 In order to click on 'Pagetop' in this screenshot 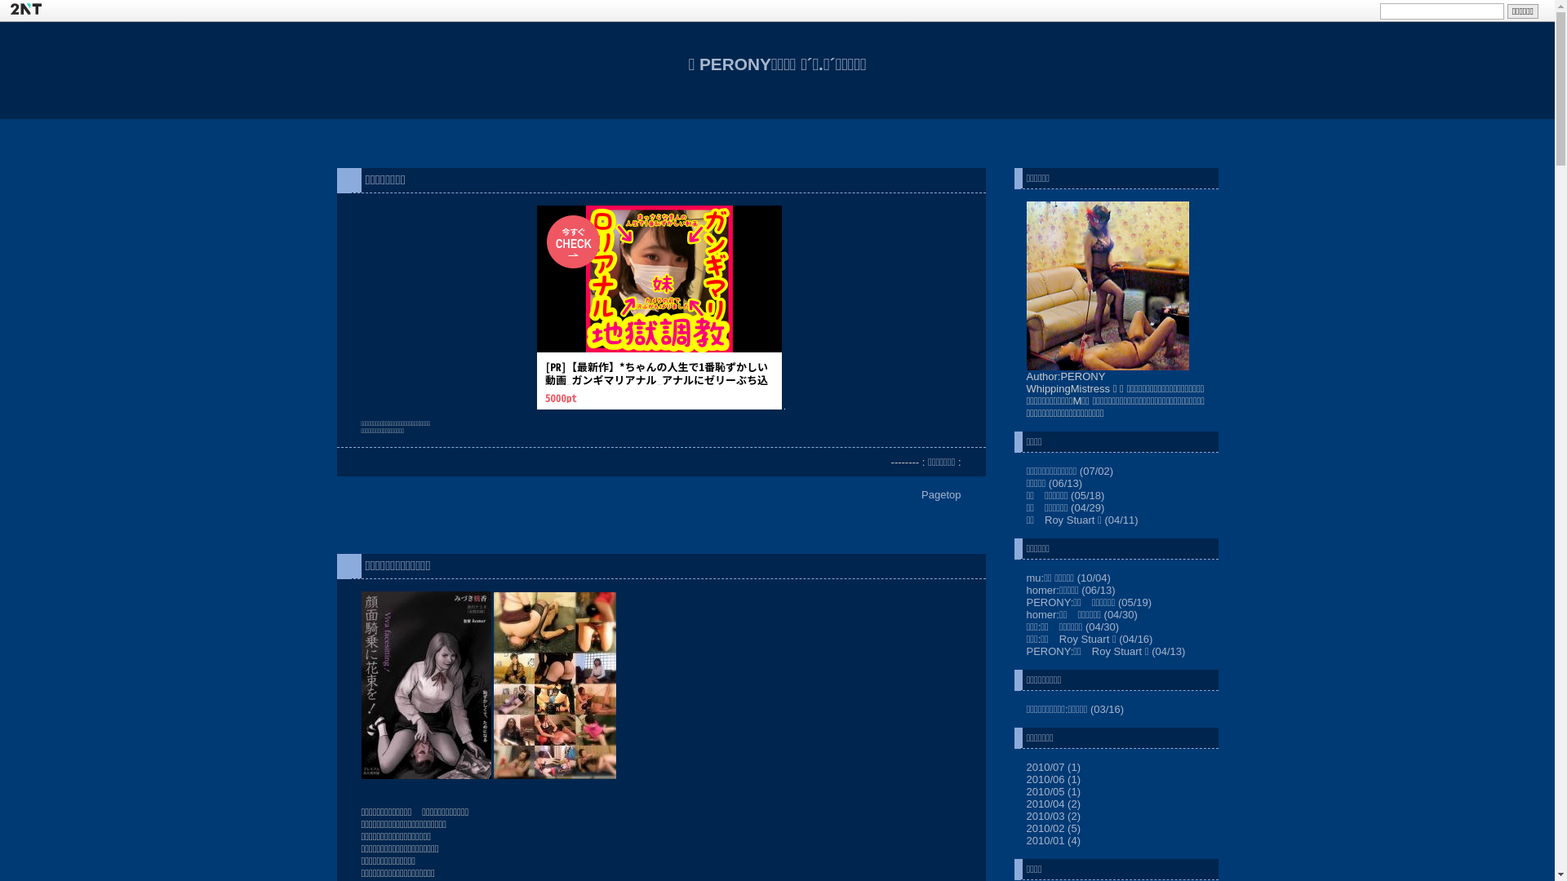, I will do `click(940, 494)`.